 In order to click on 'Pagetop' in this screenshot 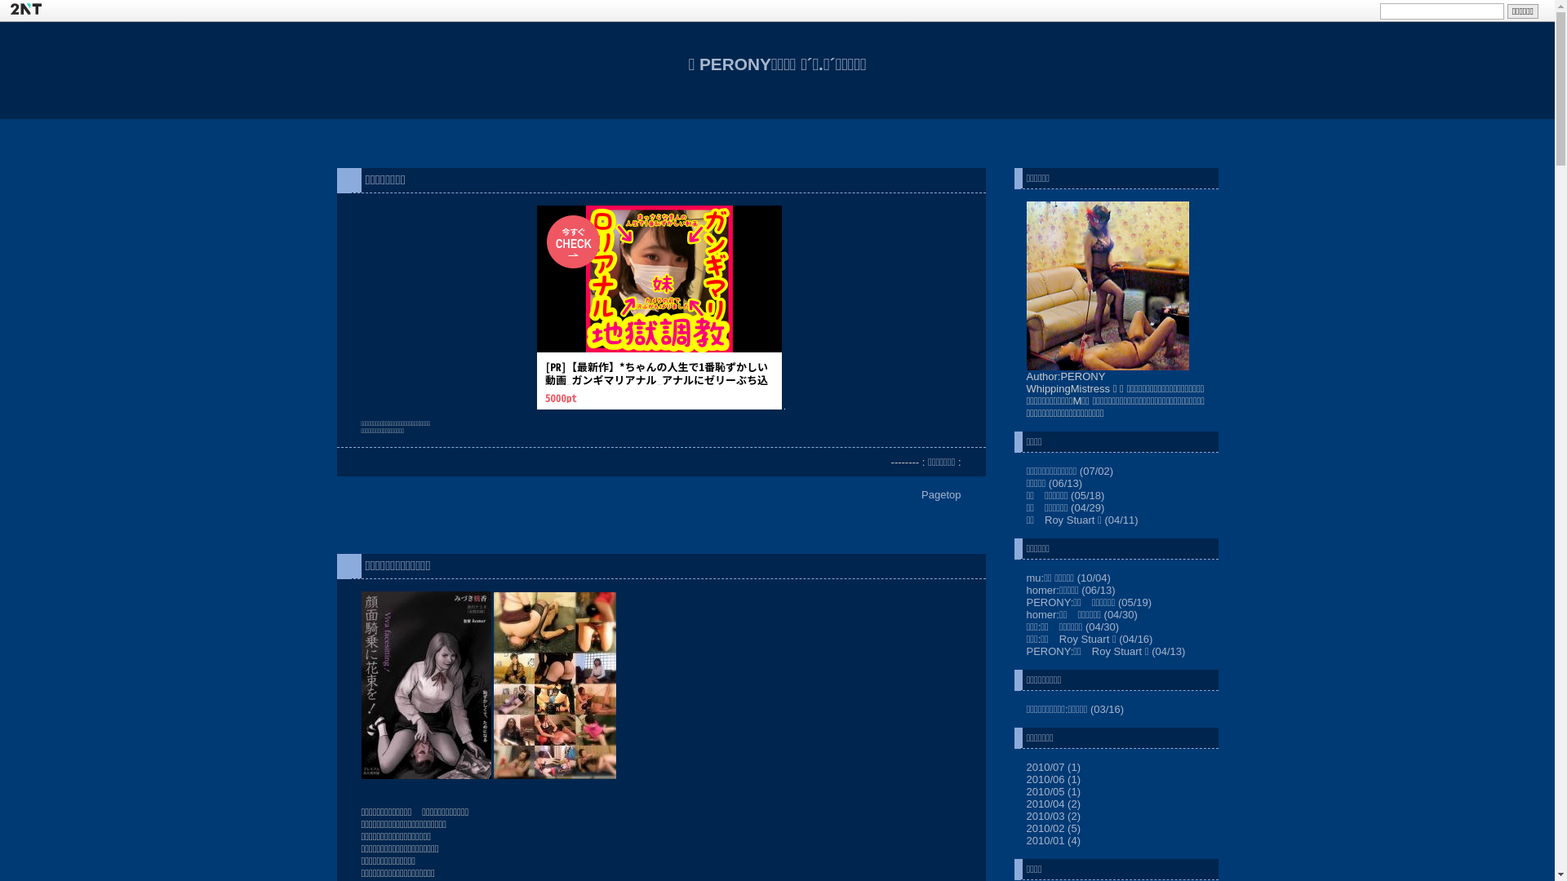, I will do `click(940, 494)`.